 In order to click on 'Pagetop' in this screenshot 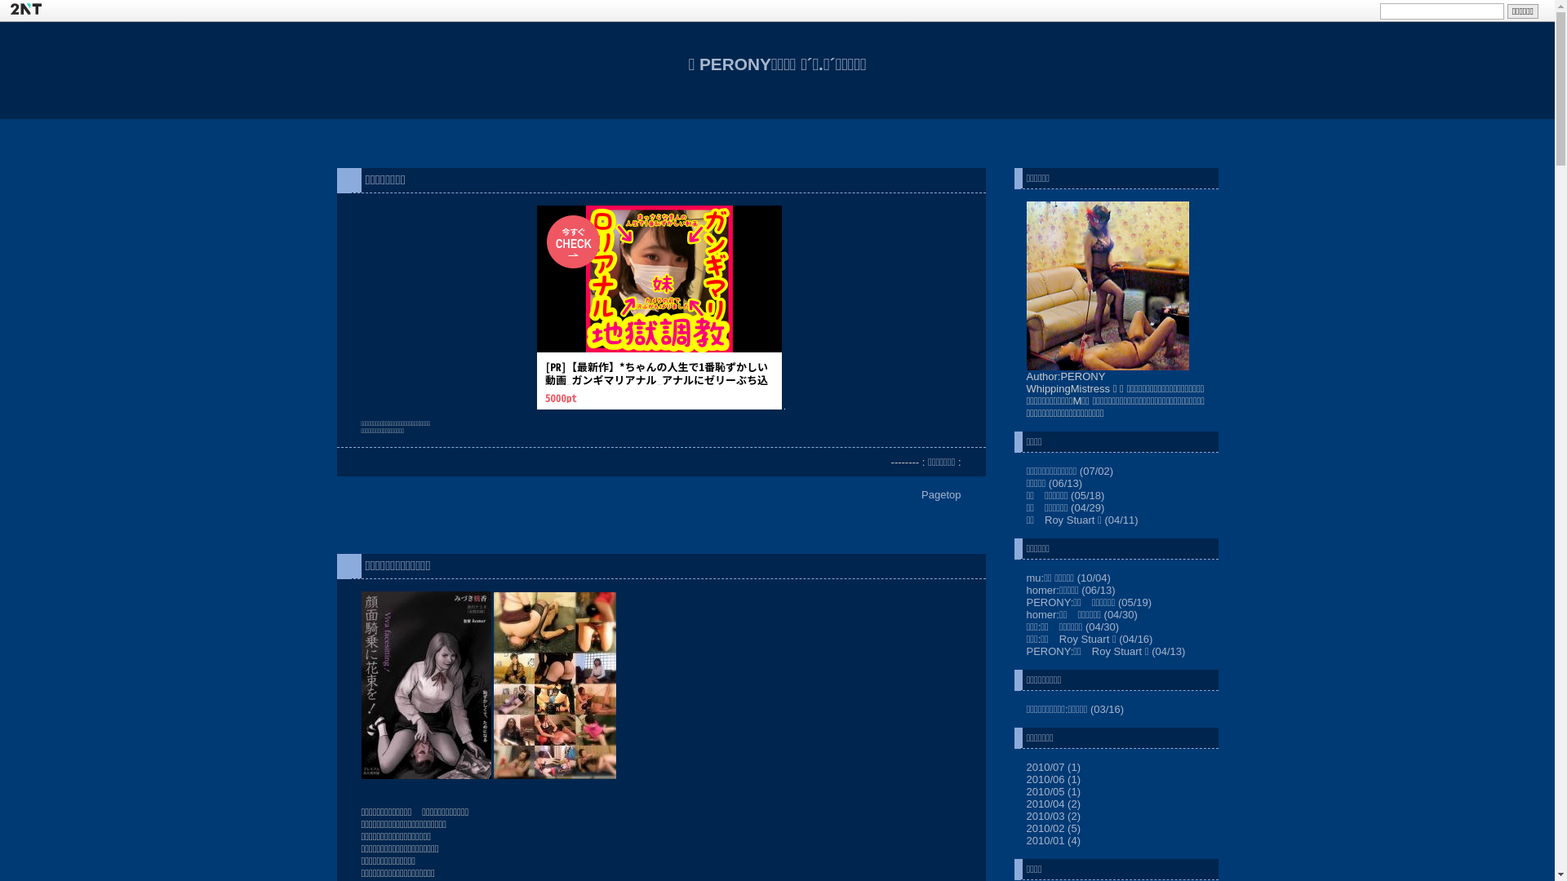, I will do `click(940, 494)`.